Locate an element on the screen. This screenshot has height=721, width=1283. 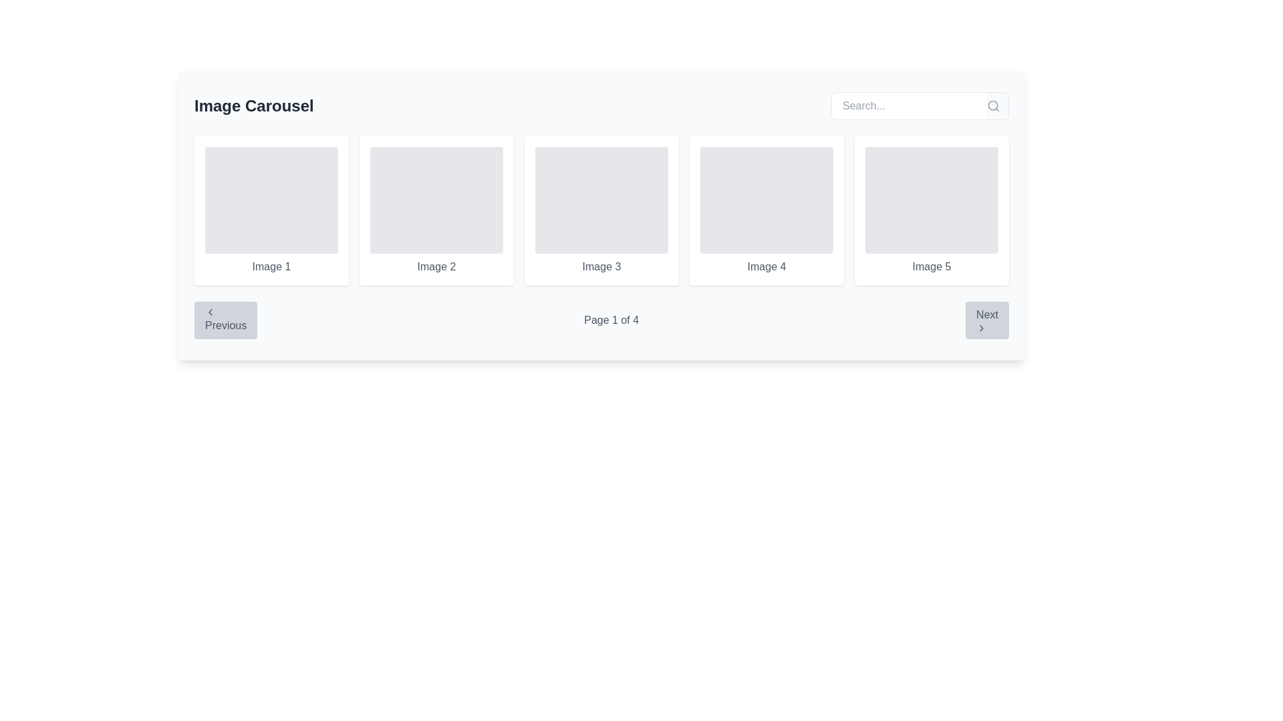
the image placeholder labeled 'Image 3' in the gallery is located at coordinates (601, 210).